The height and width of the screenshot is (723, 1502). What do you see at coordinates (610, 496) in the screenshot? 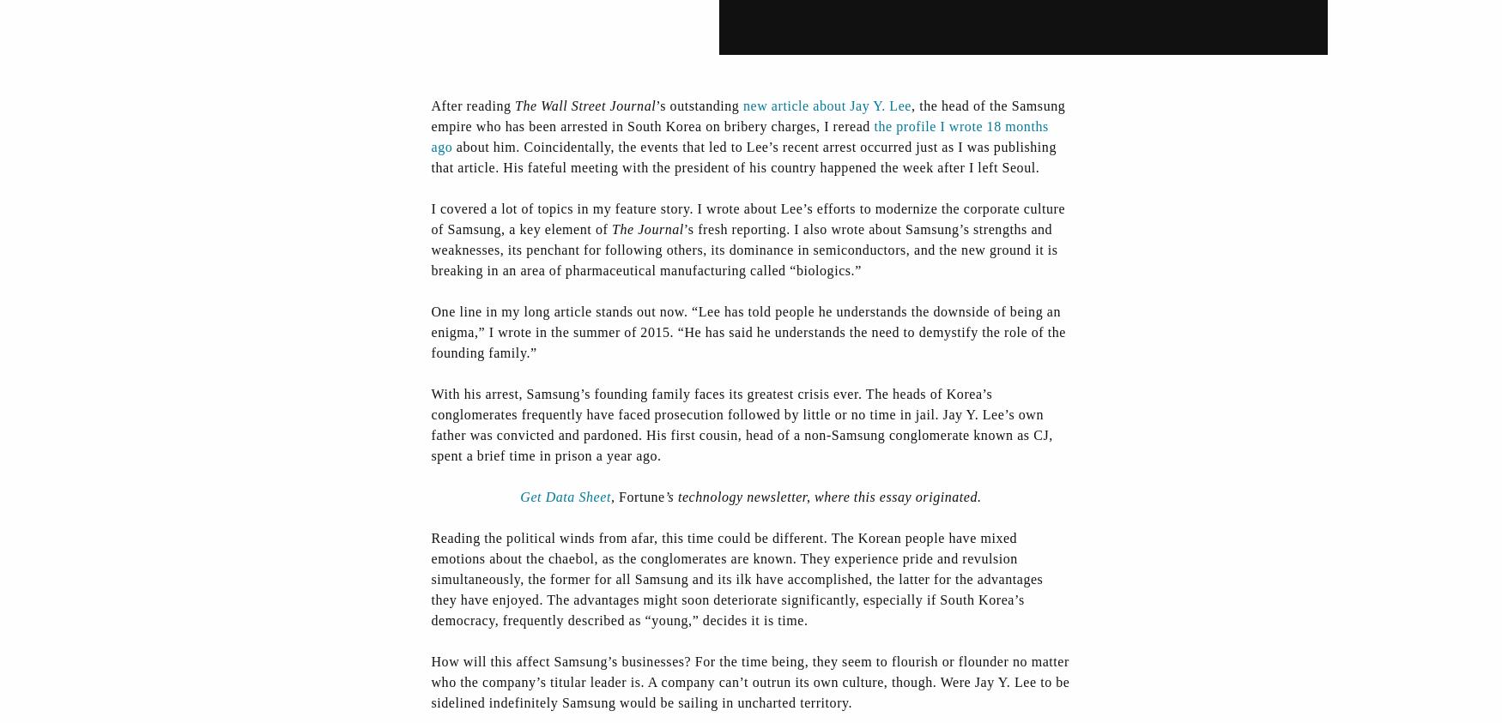
I see `','` at bounding box center [610, 496].